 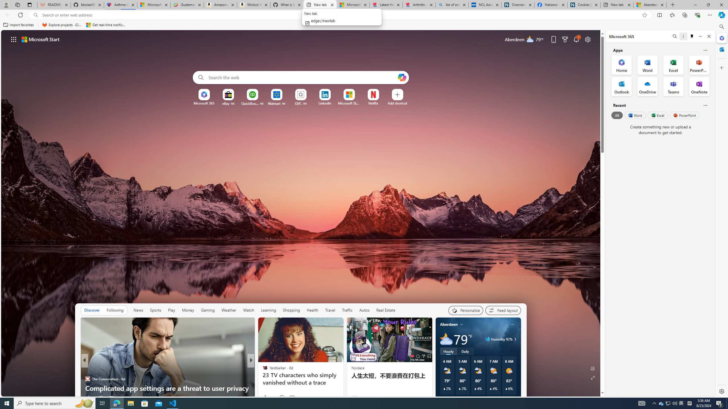 I want to click on 'Feed settings', so click(x=503, y=310).